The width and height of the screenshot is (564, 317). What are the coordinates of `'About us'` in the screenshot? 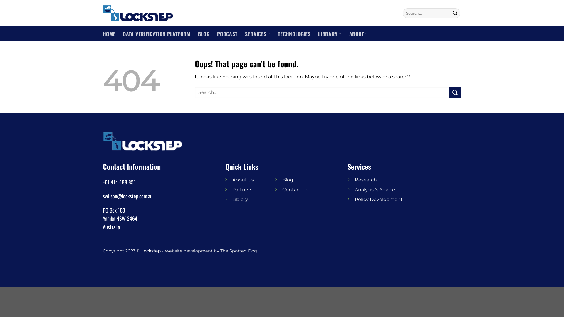 It's located at (243, 179).